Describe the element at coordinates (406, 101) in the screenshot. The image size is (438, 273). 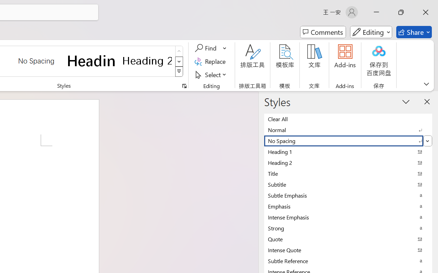
I see `'Task Pane Options'` at that location.